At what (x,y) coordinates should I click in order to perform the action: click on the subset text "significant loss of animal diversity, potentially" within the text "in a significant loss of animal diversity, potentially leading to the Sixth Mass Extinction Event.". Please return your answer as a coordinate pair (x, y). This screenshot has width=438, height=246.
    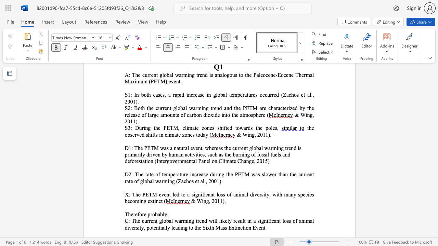
    Looking at the image, I should click on (257, 221).